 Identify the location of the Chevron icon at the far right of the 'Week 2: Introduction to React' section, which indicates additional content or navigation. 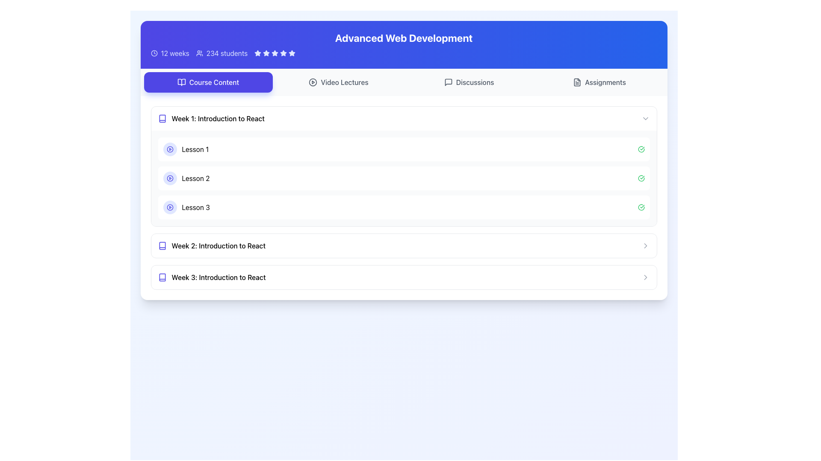
(645, 245).